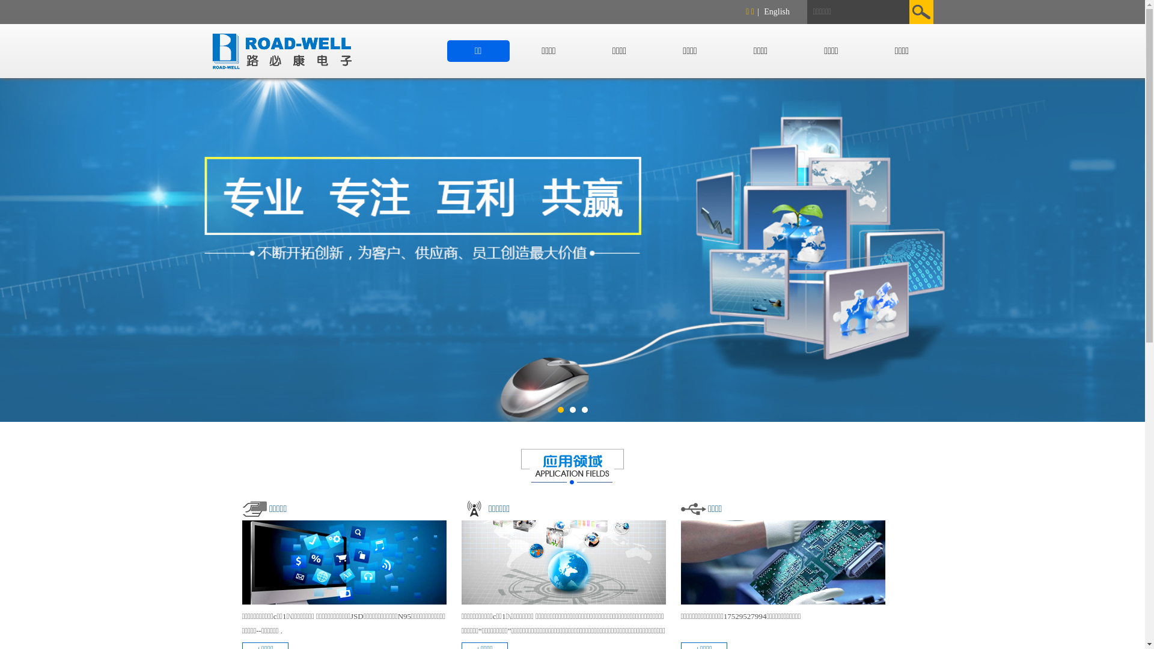 The width and height of the screenshot is (1154, 649). Describe the element at coordinates (777, 11) in the screenshot. I see `'English'` at that location.